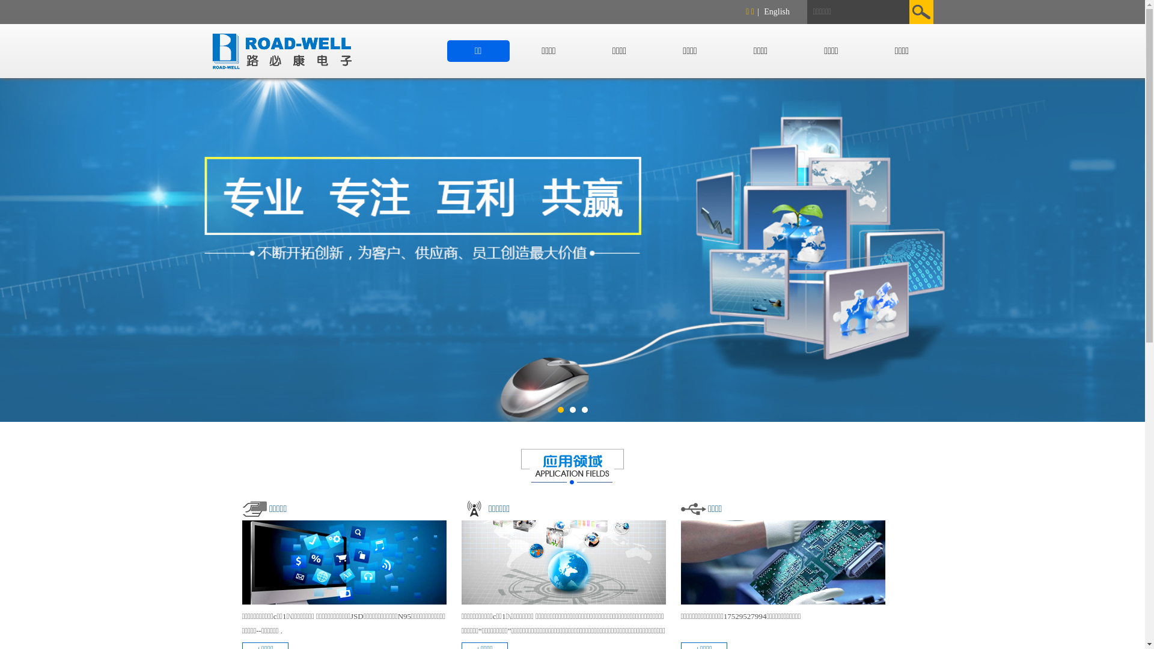 The width and height of the screenshot is (1154, 649). Describe the element at coordinates (777, 11) in the screenshot. I see `'English'` at that location.